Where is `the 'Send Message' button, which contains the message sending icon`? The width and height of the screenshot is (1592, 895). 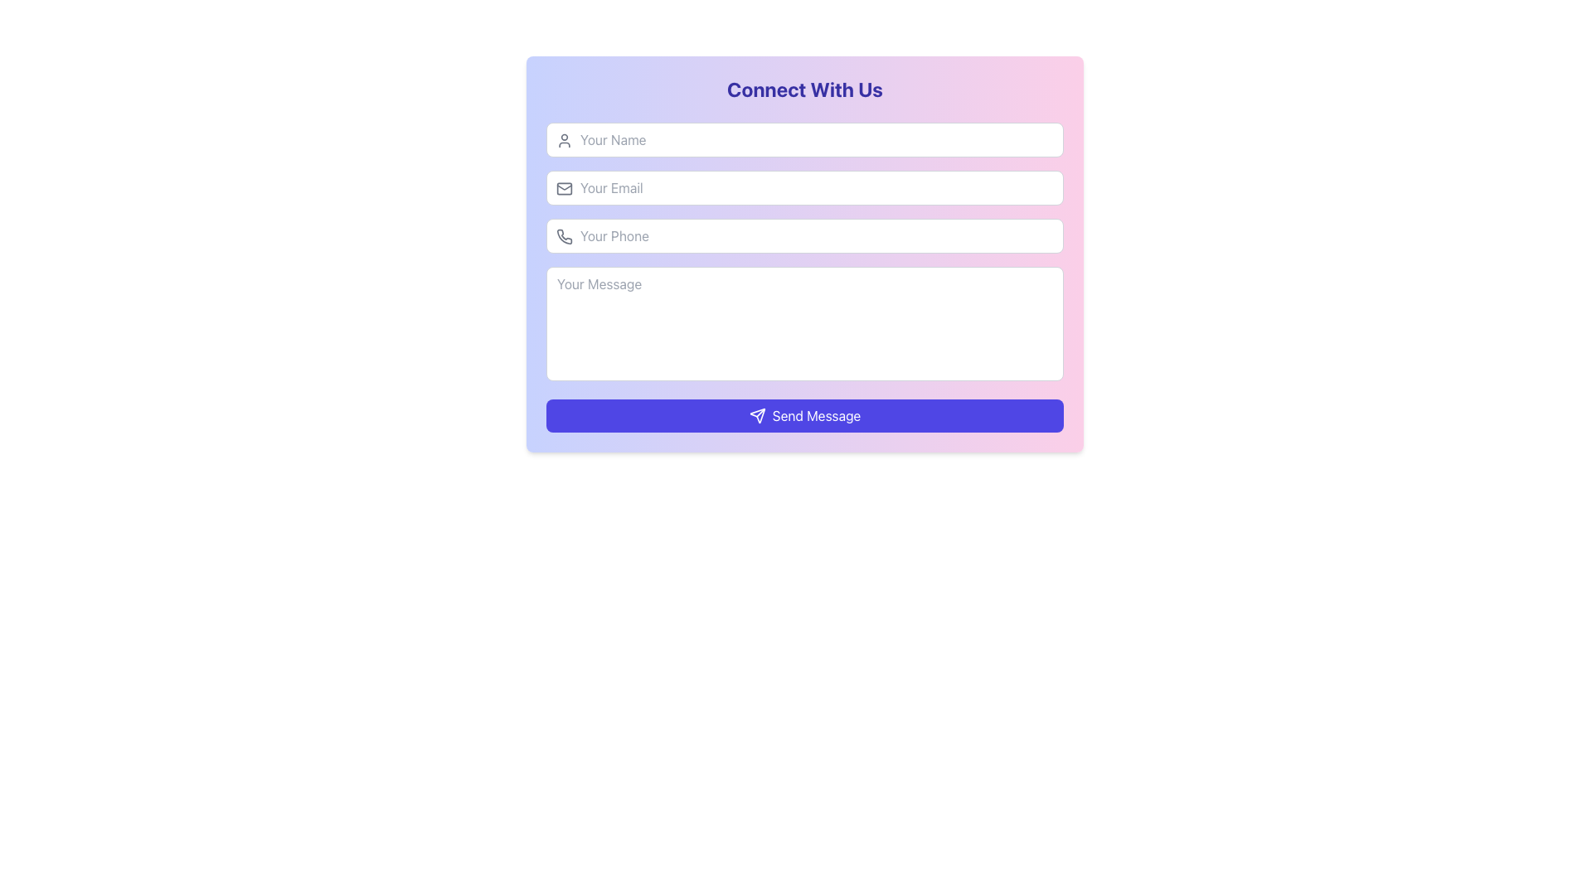
the 'Send Message' button, which contains the message sending icon is located at coordinates (756, 414).